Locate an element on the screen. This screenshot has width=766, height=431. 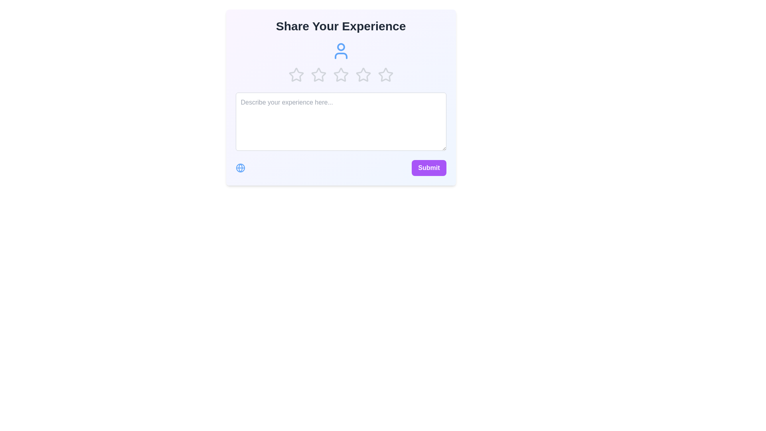
the fourth star in the rating row is located at coordinates (363, 75).